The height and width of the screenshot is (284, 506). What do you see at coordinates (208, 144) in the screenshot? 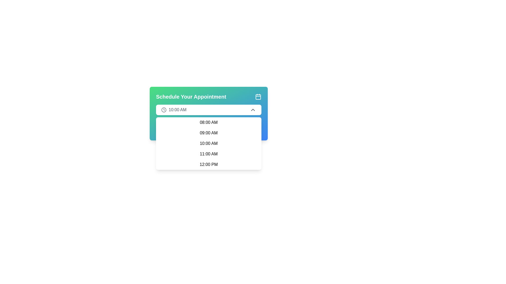
I see `the third option in the dropdown menu labeled '10:00 AM'` at bounding box center [208, 144].